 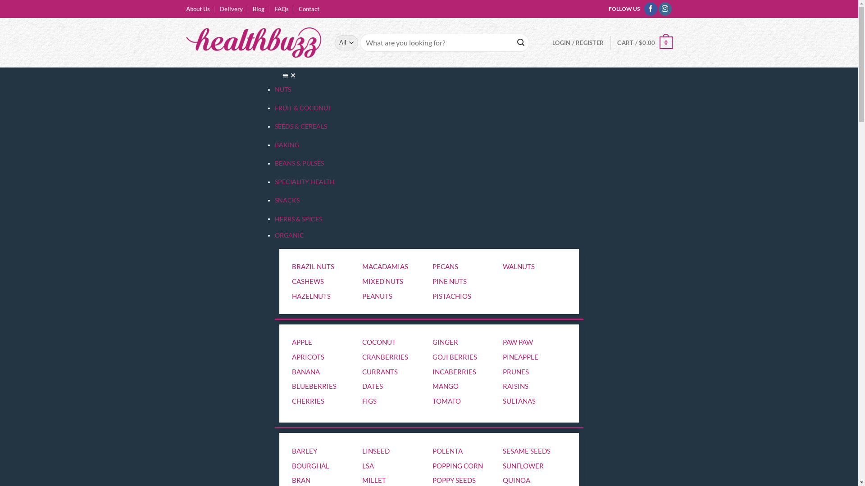 What do you see at coordinates (377, 296) in the screenshot?
I see `'PEANUTS'` at bounding box center [377, 296].